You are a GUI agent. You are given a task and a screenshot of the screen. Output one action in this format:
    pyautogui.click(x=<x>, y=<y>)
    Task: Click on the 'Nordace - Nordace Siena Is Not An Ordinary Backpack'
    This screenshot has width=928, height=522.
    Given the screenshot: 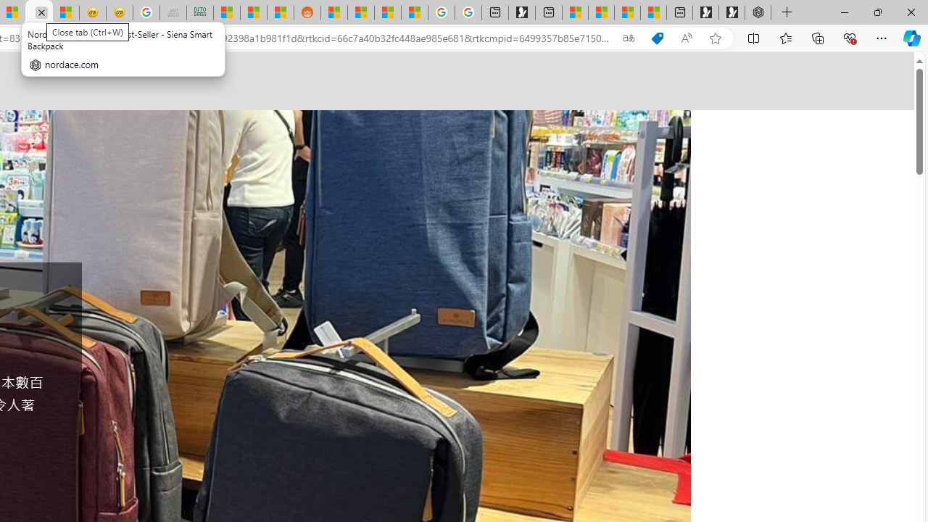 What is the action you would take?
    pyautogui.click(x=757, y=12)
    